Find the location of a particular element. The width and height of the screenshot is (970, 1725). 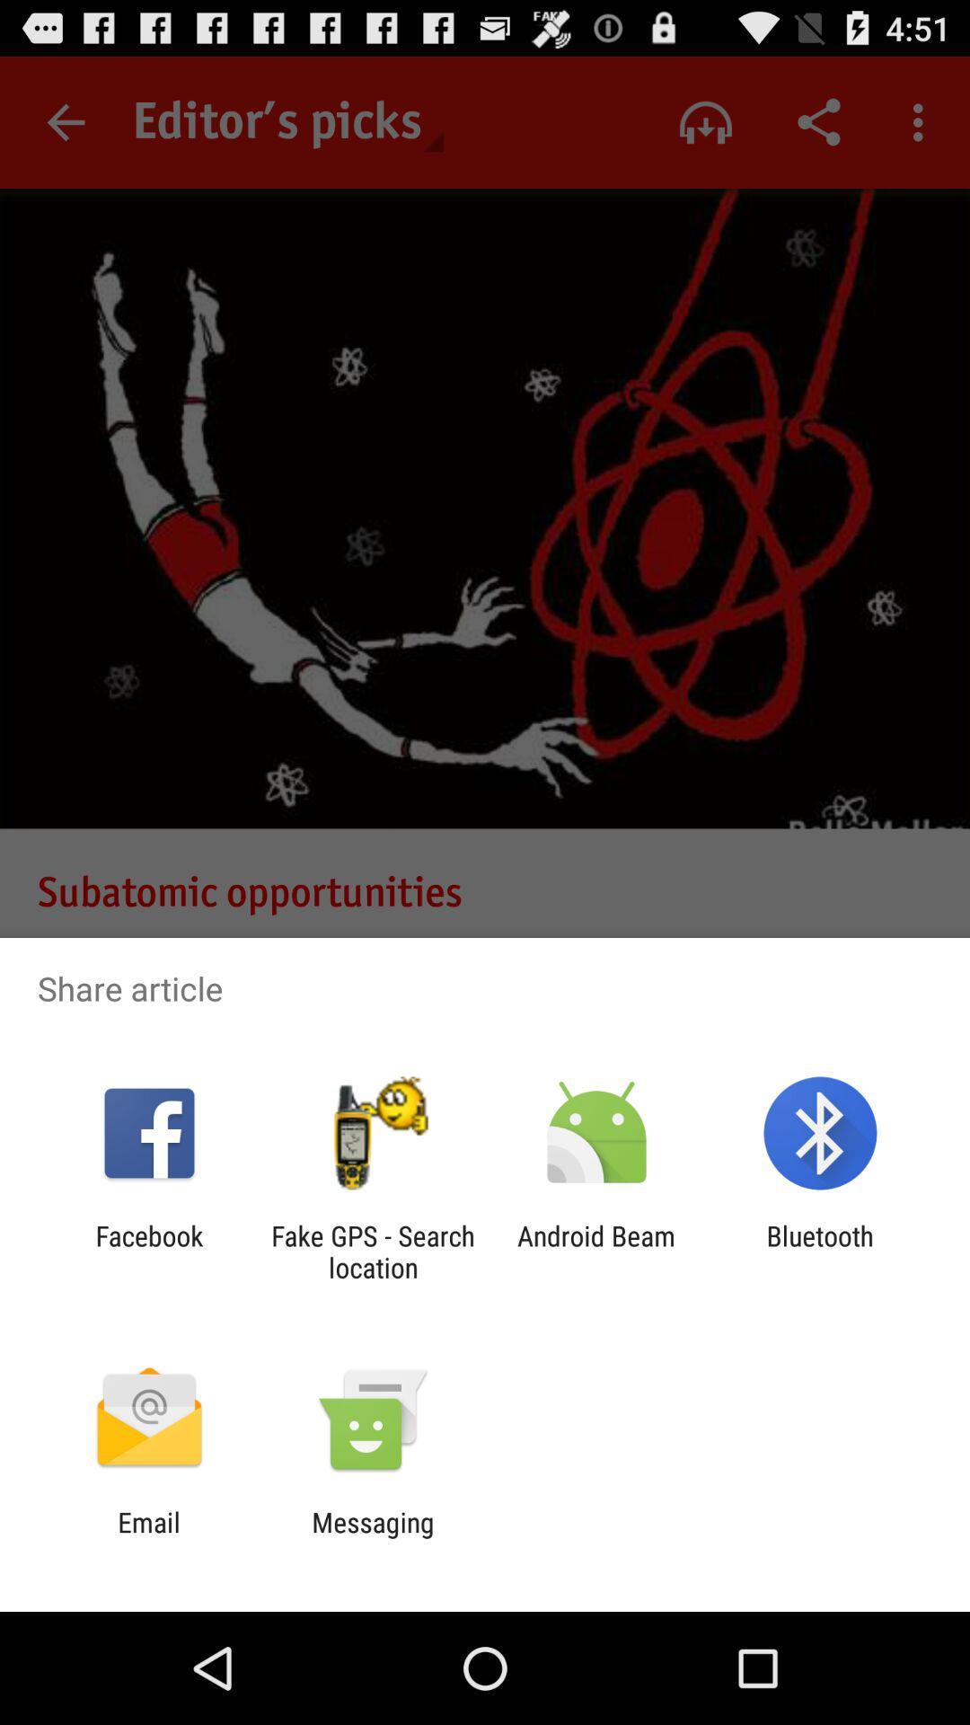

bluetooth icon is located at coordinates (820, 1251).